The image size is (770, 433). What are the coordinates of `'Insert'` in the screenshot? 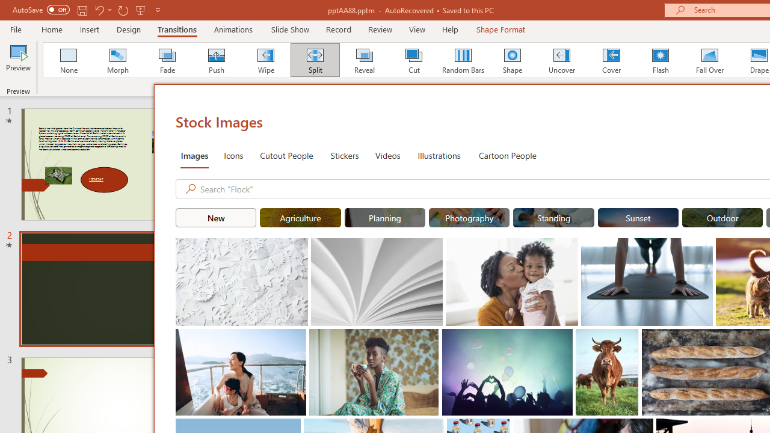 It's located at (89, 29).